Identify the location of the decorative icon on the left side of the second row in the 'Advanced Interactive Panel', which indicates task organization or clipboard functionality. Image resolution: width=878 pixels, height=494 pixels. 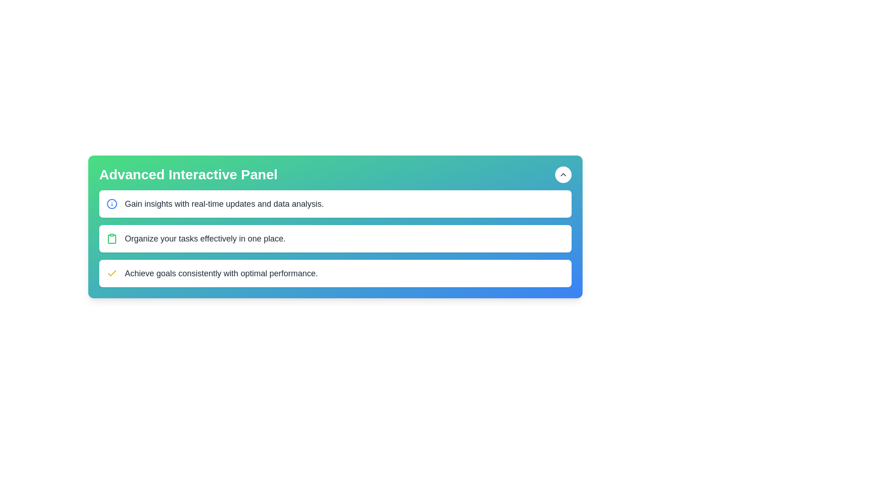
(111, 238).